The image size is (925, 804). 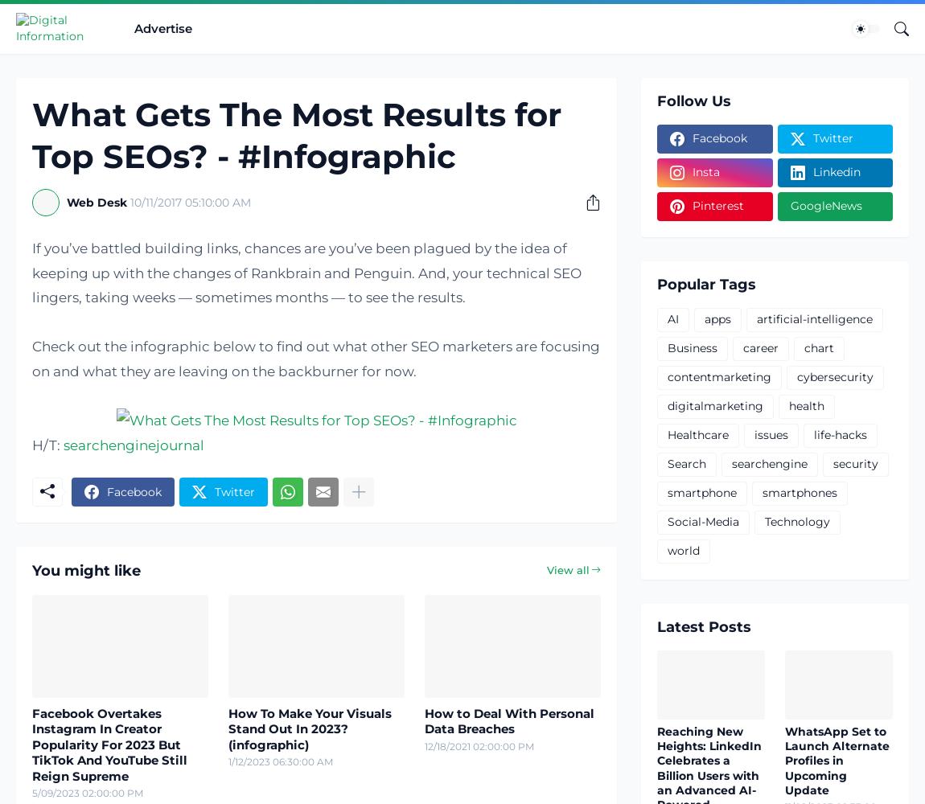 I want to click on 'View all', so click(x=567, y=569).